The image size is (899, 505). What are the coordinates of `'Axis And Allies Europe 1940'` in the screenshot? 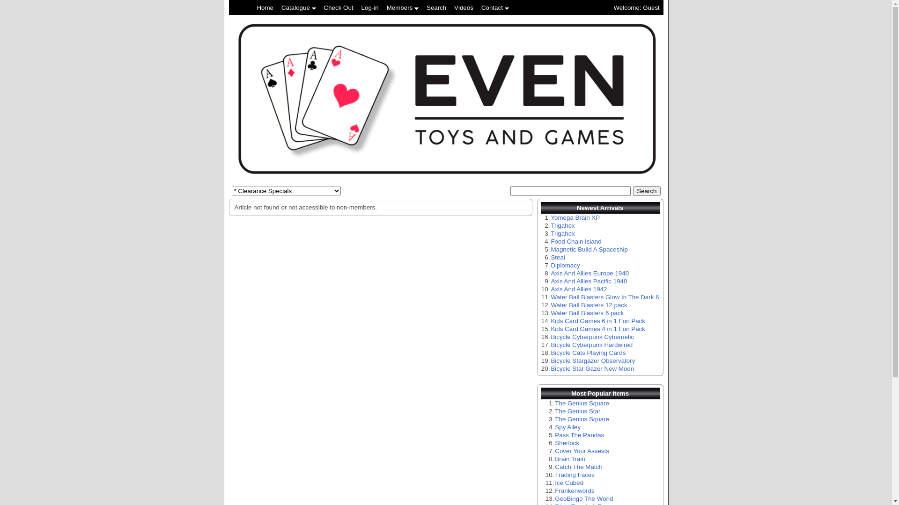 It's located at (589, 273).